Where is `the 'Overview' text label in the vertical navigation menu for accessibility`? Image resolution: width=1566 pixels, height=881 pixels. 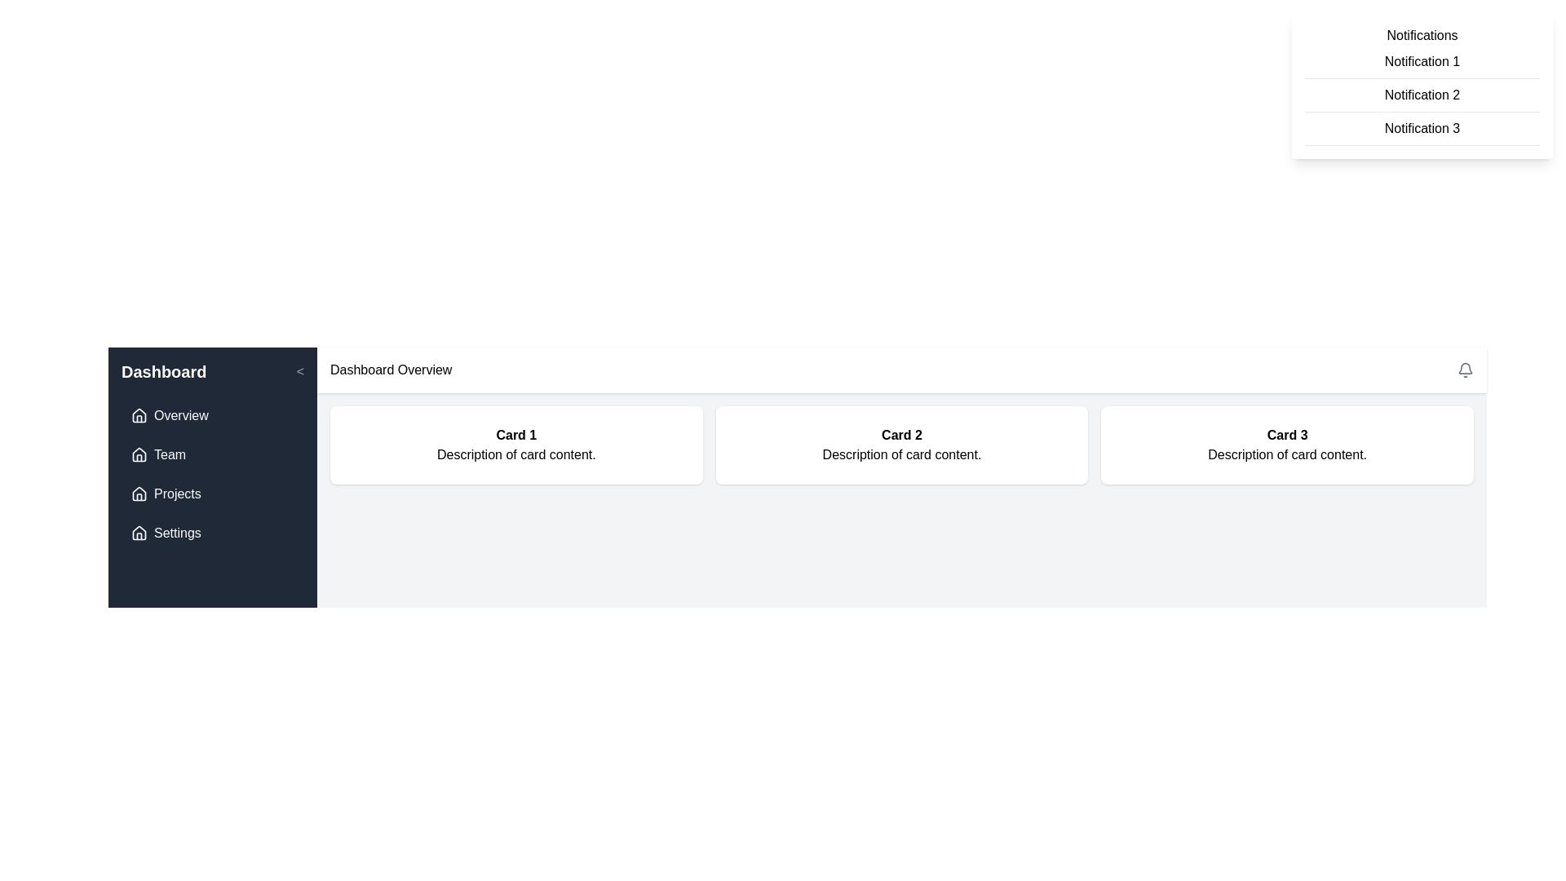 the 'Overview' text label in the vertical navigation menu for accessibility is located at coordinates (181, 414).